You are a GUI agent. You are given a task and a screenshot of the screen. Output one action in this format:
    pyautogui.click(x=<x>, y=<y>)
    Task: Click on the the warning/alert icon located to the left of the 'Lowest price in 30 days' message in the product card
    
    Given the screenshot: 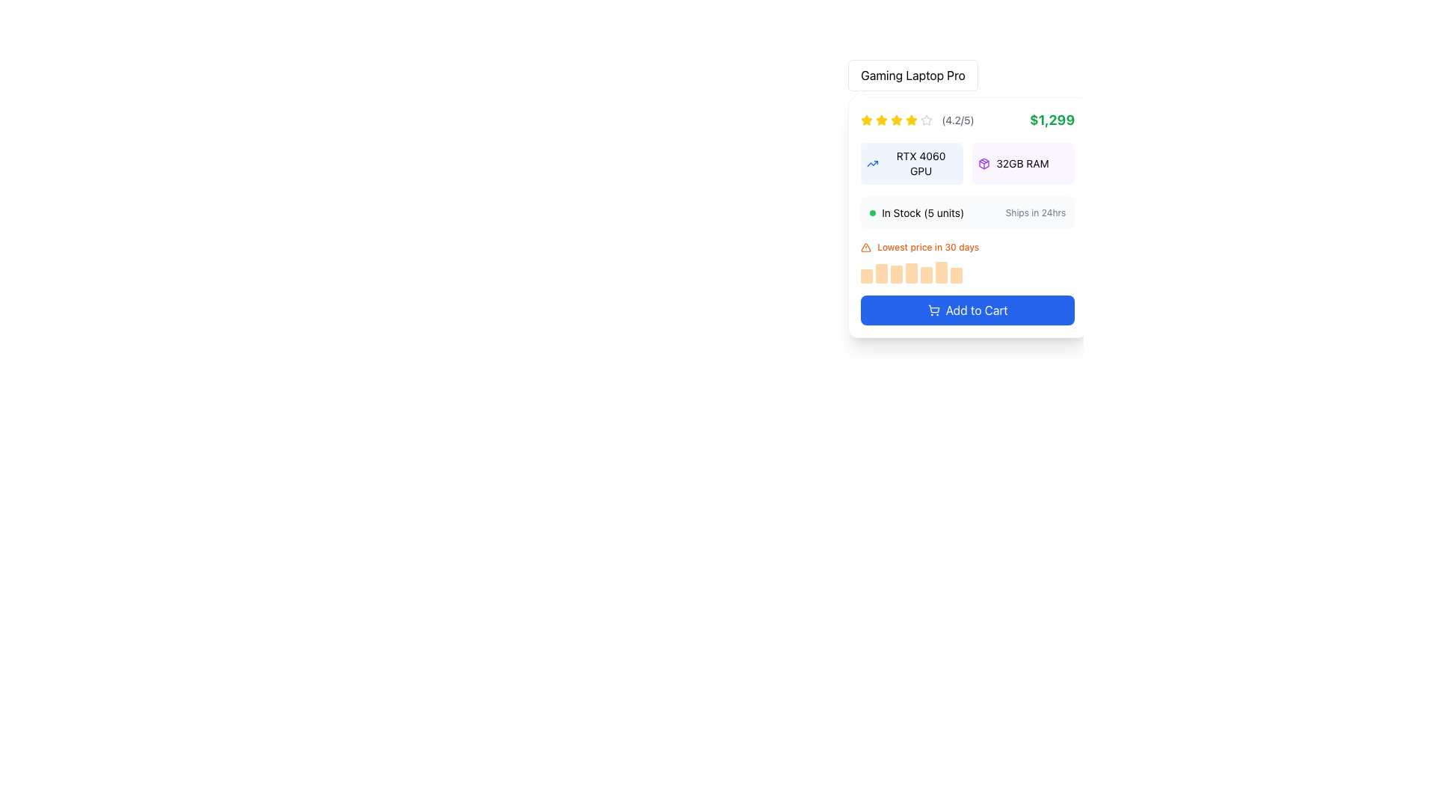 What is the action you would take?
    pyautogui.click(x=866, y=247)
    